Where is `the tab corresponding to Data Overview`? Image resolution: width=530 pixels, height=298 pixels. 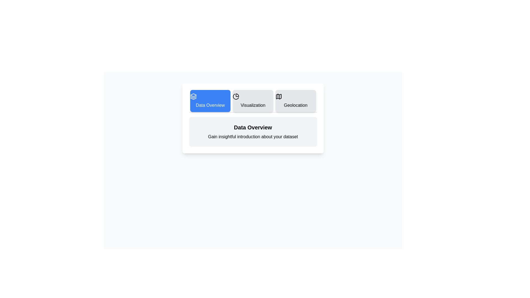
the tab corresponding to Data Overview is located at coordinates (210, 101).